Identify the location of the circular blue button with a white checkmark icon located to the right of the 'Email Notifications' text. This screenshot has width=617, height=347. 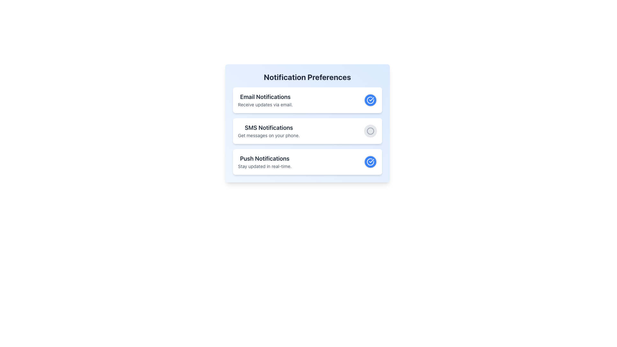
(370, 100).